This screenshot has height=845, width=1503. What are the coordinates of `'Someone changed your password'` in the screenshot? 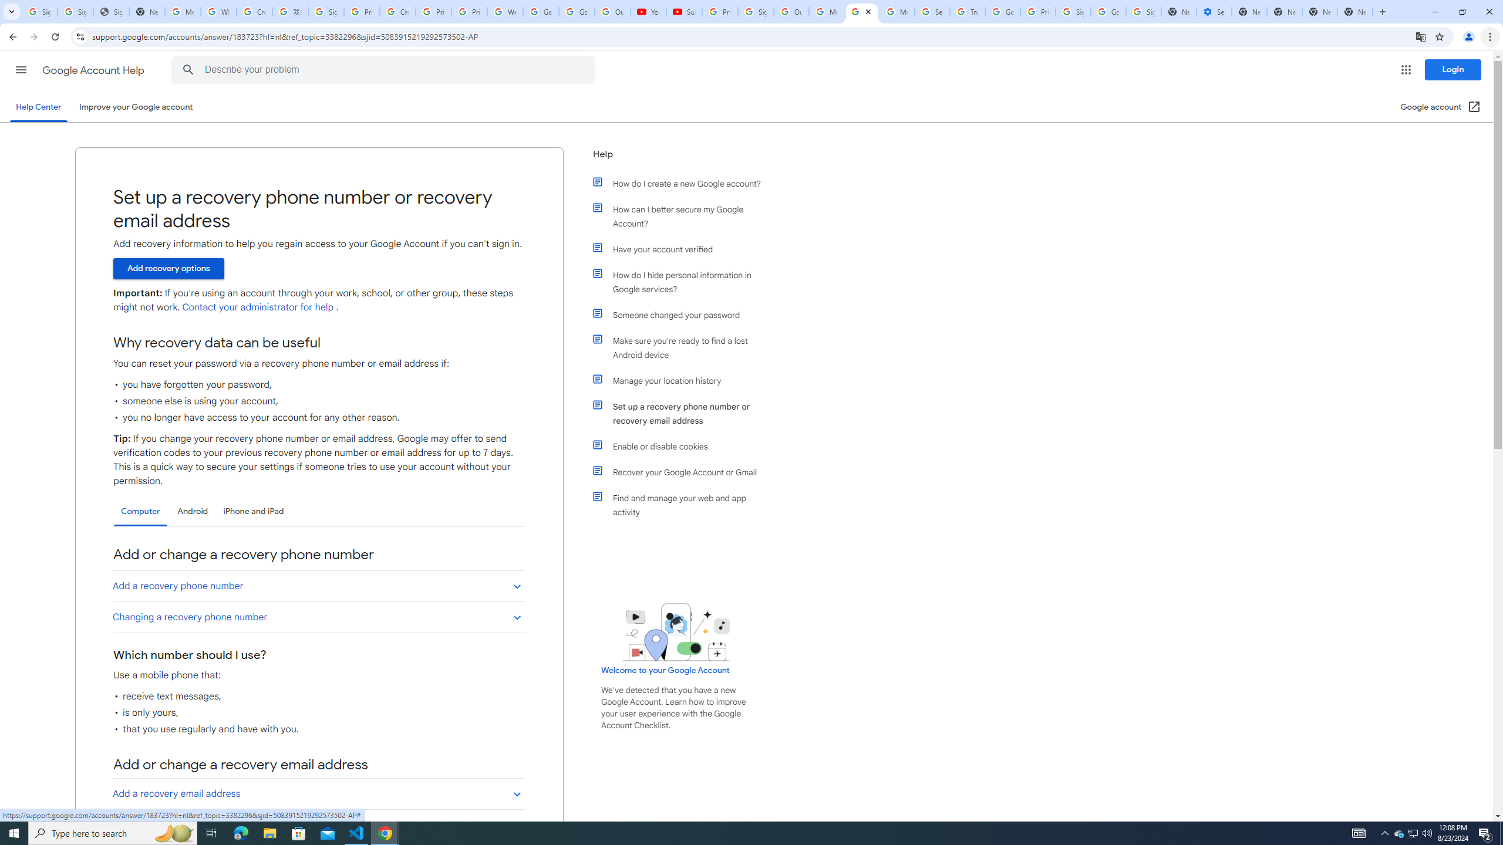 It's located at (682, 315).